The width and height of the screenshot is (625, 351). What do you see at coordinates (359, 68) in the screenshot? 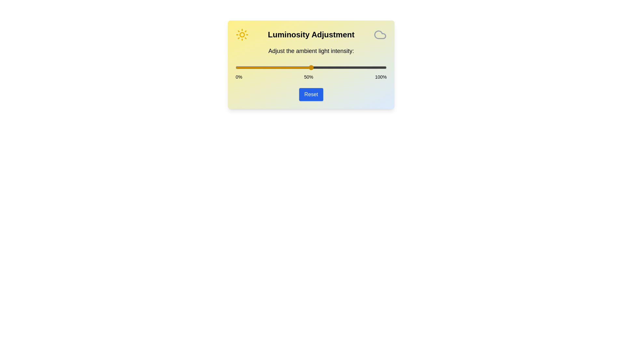
I see `the light intensity to 82% by sliding the slider` at bounding box center [359, 68].